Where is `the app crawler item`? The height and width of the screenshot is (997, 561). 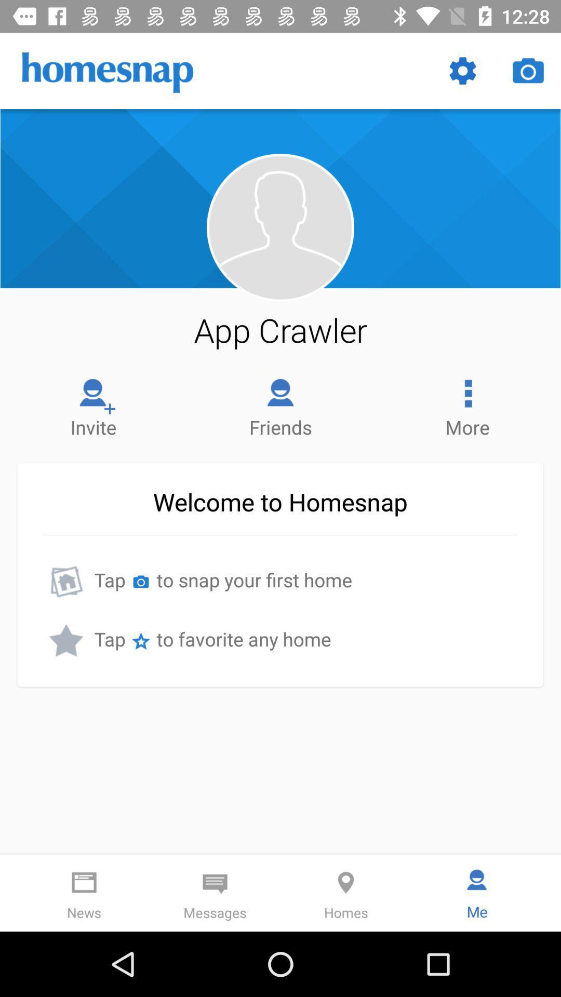 the app crawler item is located at coordinates (280, 329).